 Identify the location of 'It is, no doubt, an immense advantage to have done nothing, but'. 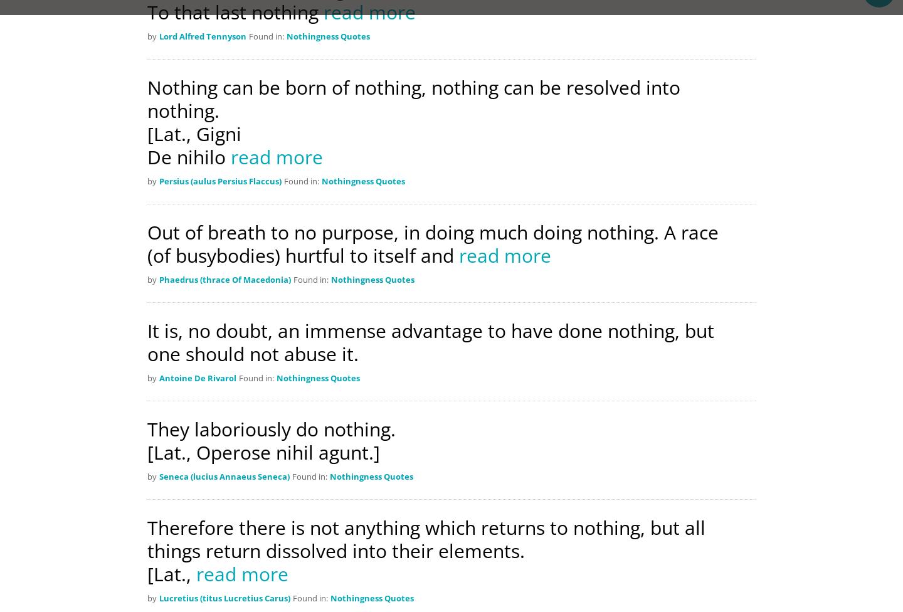
(147, 330).